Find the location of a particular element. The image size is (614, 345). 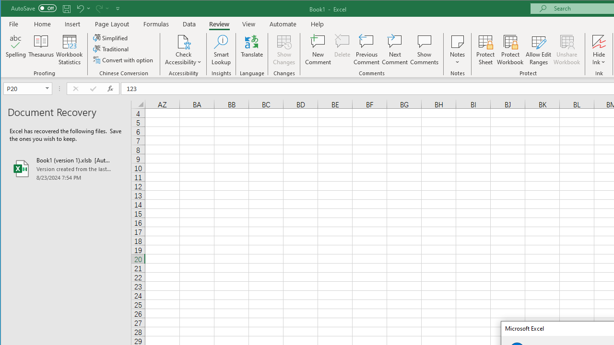

'Translate' is located at coordinates (252, 50).